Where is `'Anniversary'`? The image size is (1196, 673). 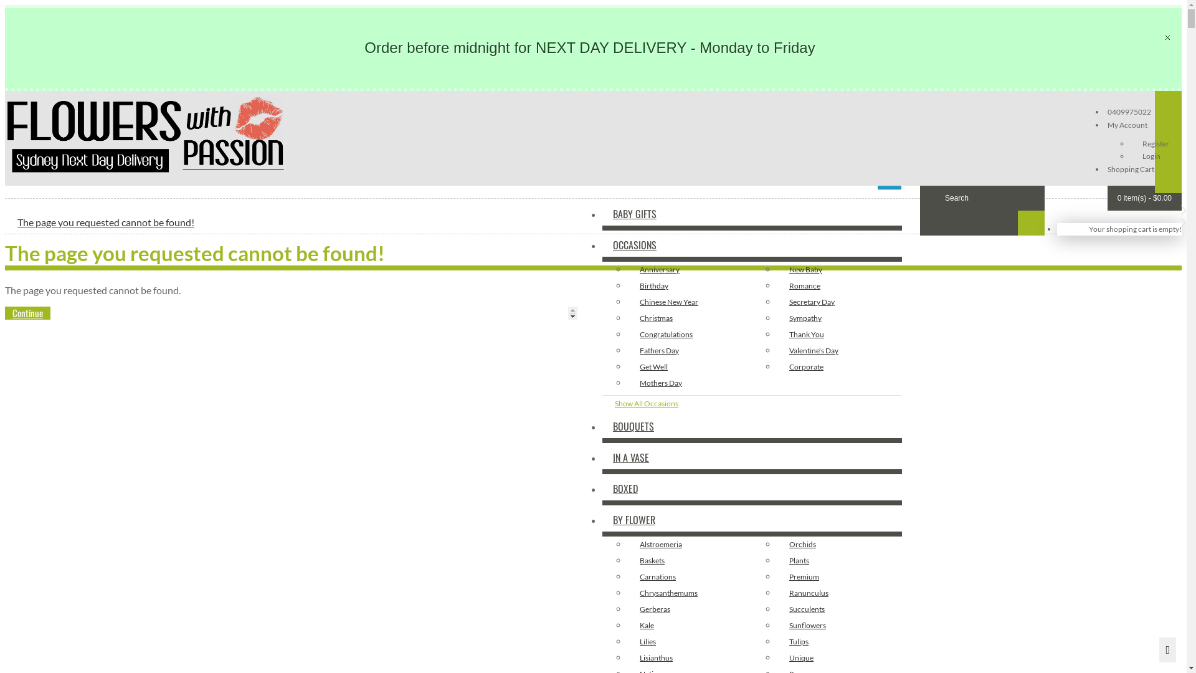
'Anniversary' is located at coordinates (689, 269).